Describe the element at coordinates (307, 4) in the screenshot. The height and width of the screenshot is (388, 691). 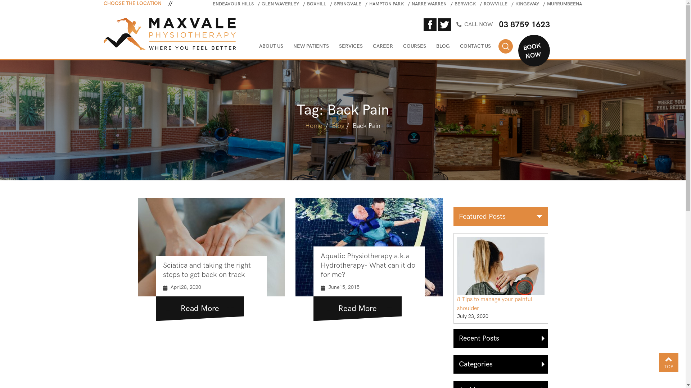
I see `'BOXHILL'` at that location.